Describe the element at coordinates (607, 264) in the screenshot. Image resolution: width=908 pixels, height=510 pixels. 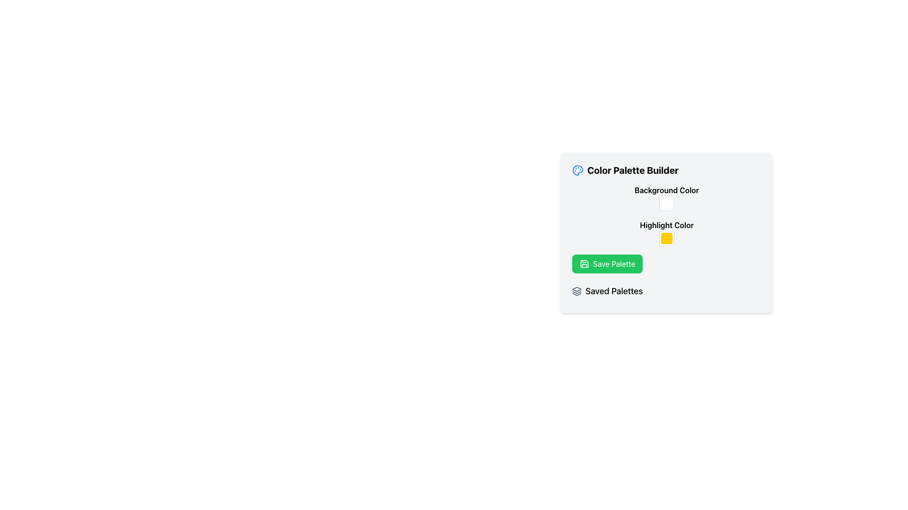
I see `the Save button located in the Color Palette Builder section, positioned between the Highlight Color picker and the Saved Palettes label` at that location.